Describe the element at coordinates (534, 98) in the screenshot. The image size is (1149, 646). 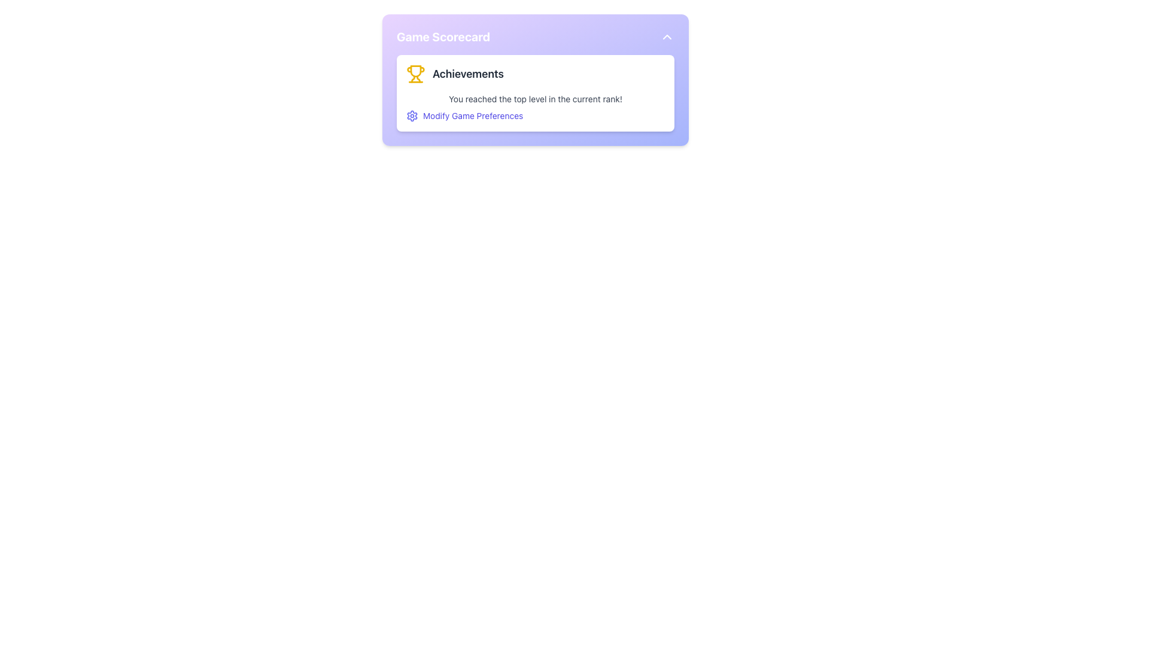
I see `the static text element providing feedback on achievement levels, located underneath the 'Achievements' heading with a trophy icon, on a purple background` at that location.